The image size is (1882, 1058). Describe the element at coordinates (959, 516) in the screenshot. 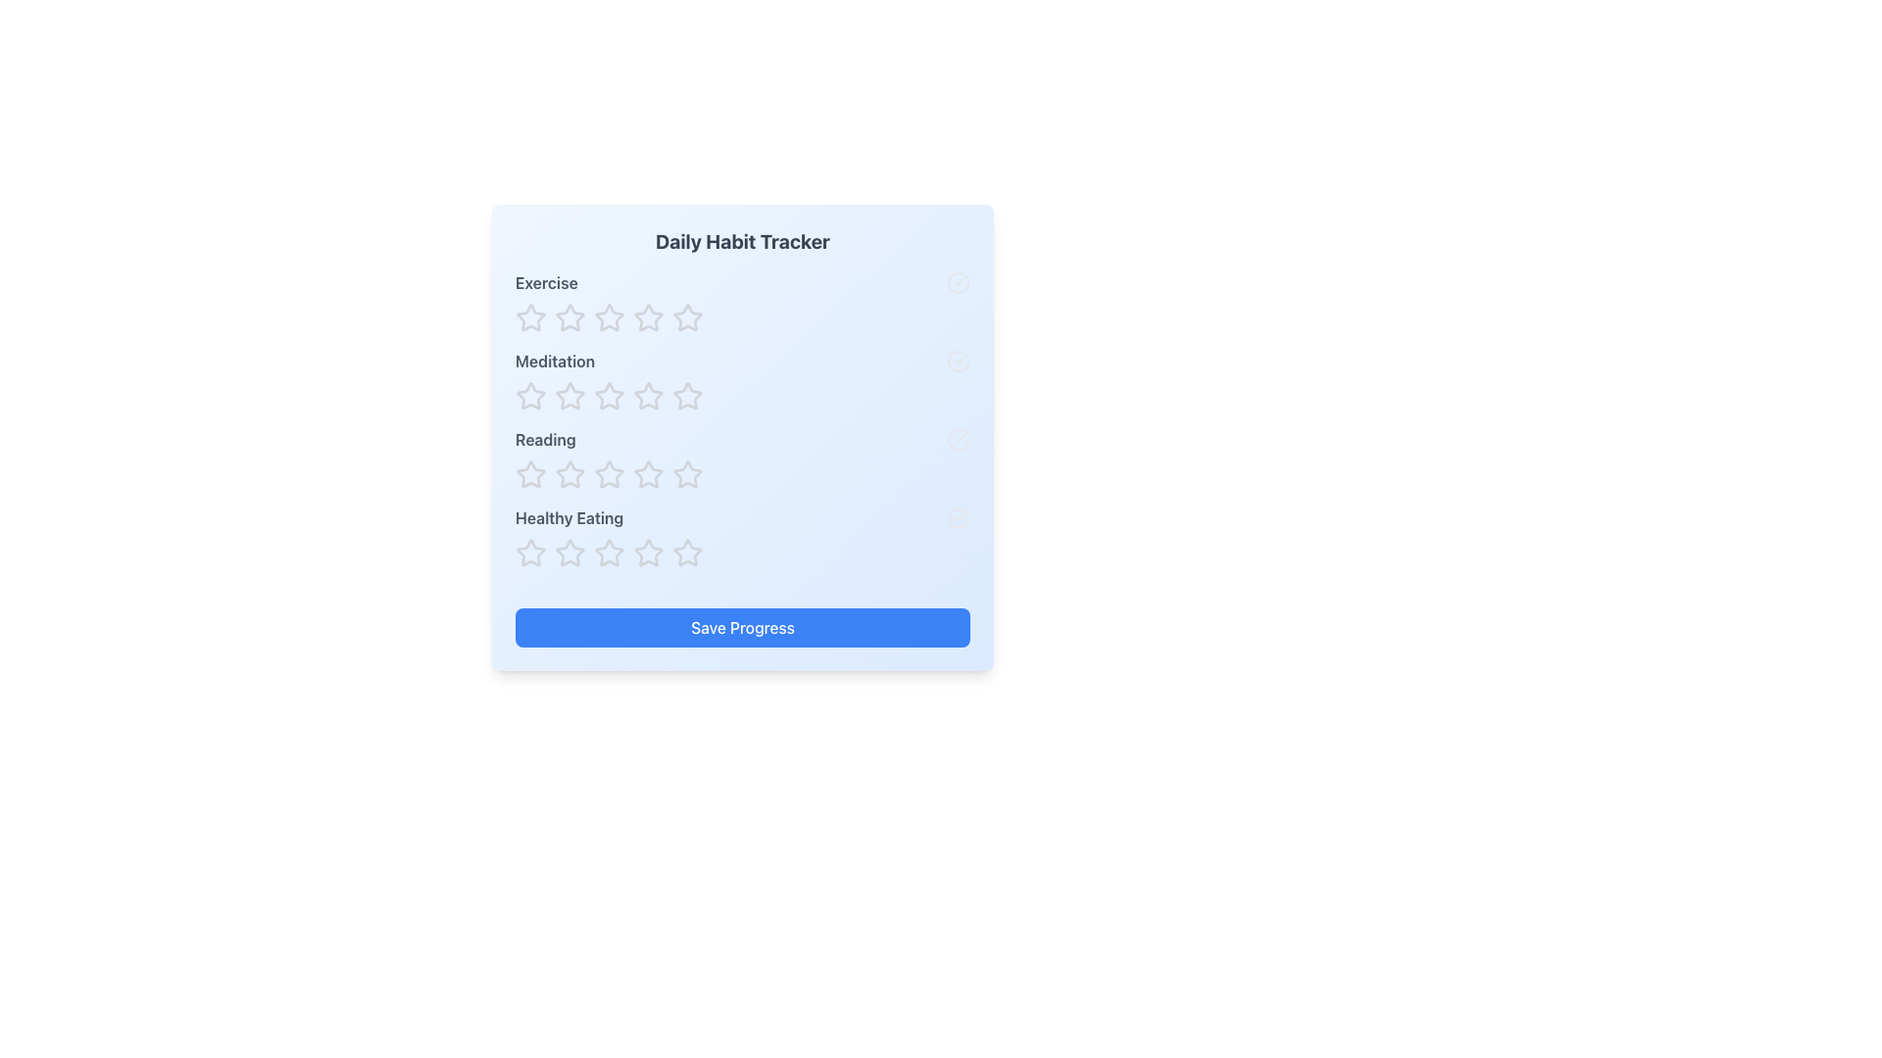

I see `the circular shape representing a check or status indicator located to the right of the 'Healthy Eating' section in the habit tracker interface` at that location.